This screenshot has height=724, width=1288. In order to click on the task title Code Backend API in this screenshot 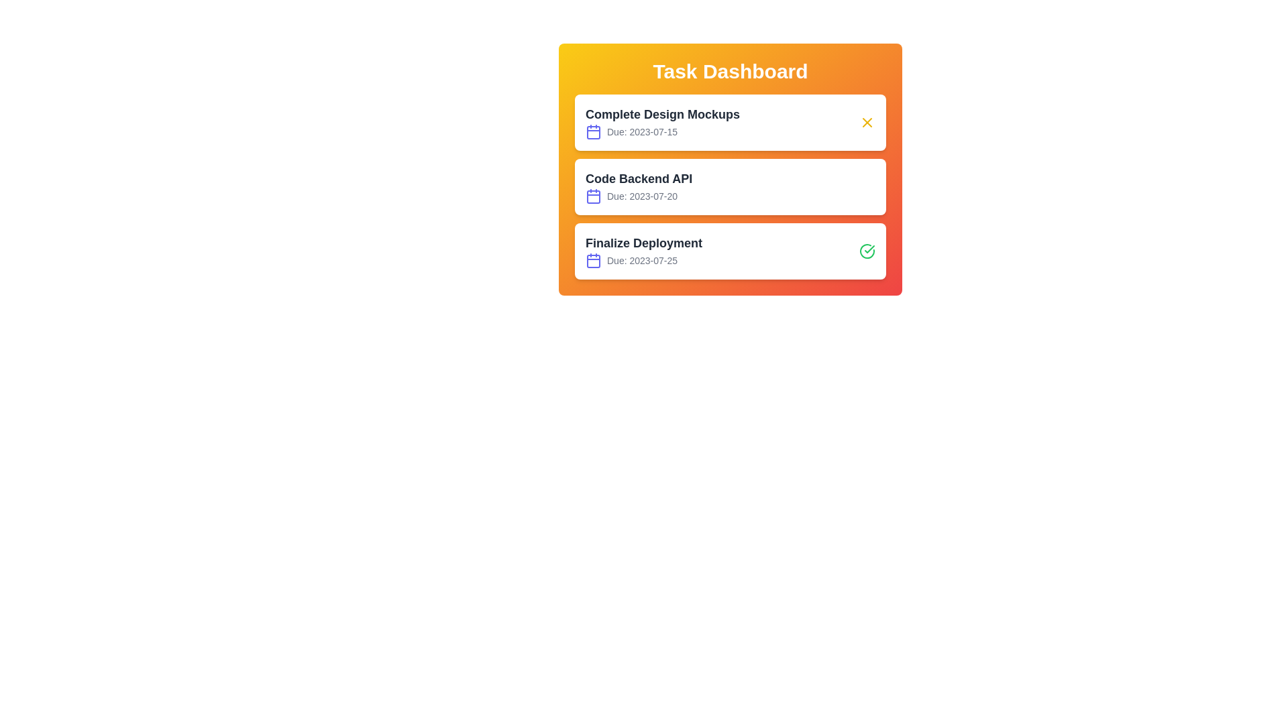, I will do `click(637, 178)`.